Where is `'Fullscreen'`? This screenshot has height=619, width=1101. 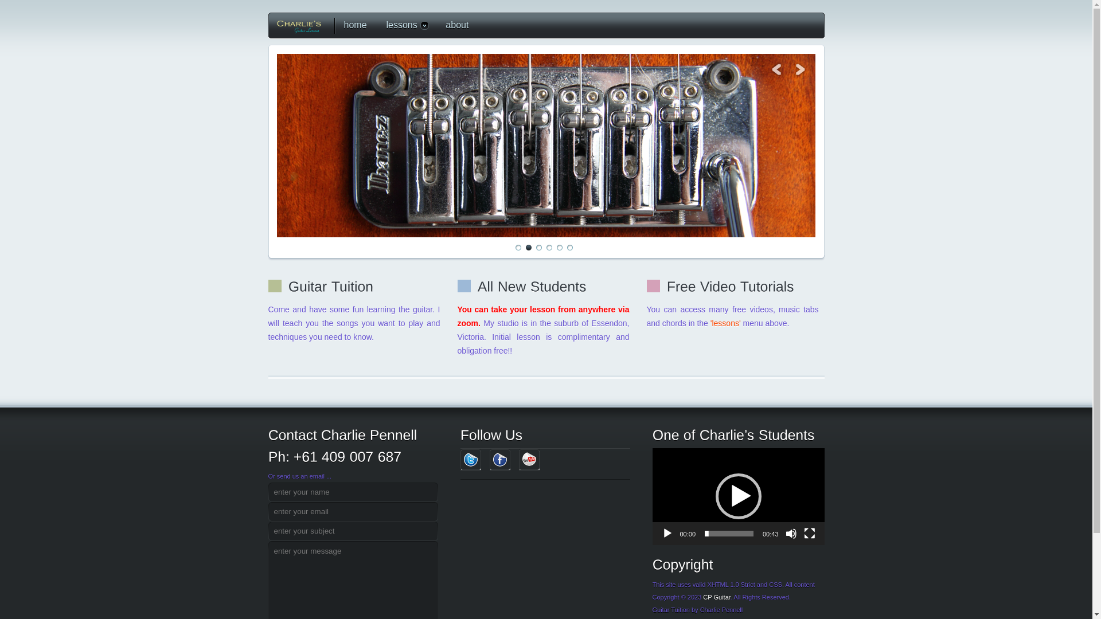
'Fullscreen' is located at coordinates (809, 533).